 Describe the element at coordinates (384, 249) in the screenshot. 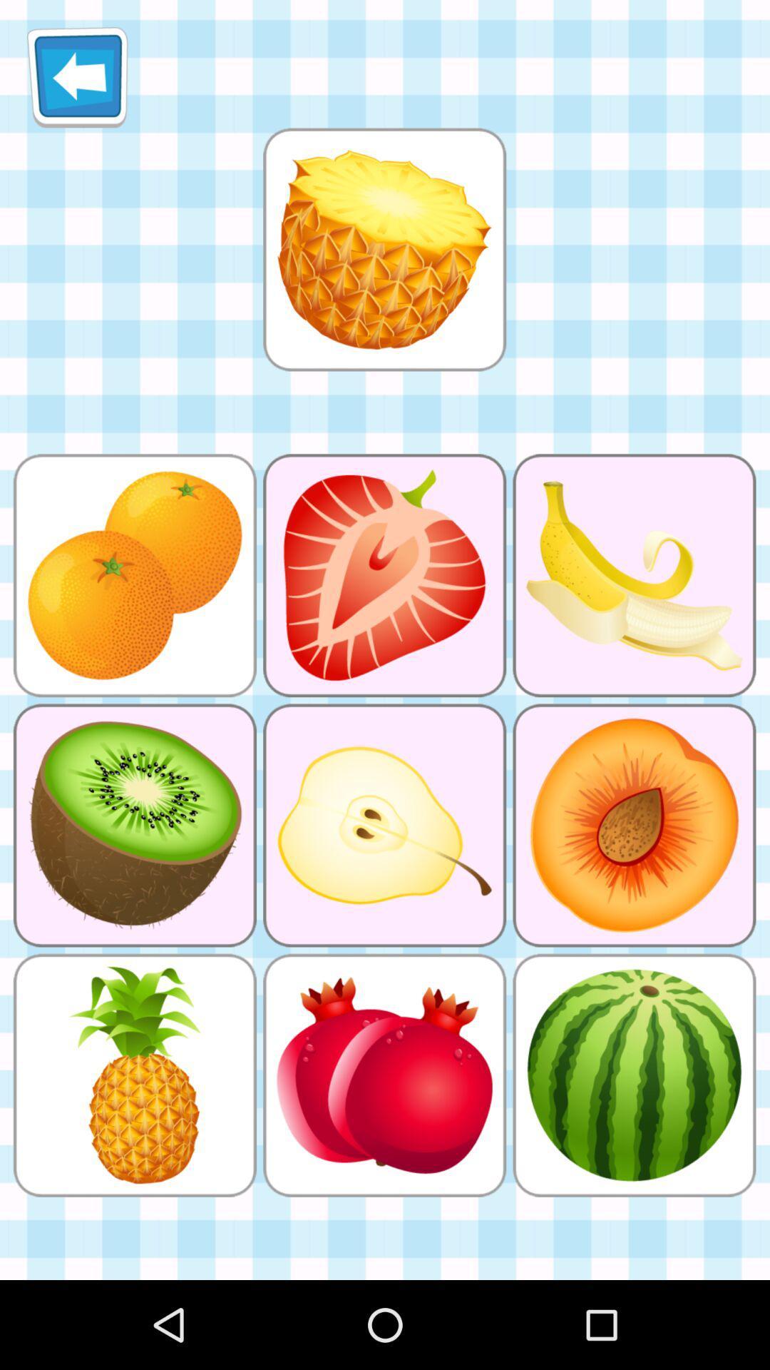

I see `fruit pineapple` at that location.